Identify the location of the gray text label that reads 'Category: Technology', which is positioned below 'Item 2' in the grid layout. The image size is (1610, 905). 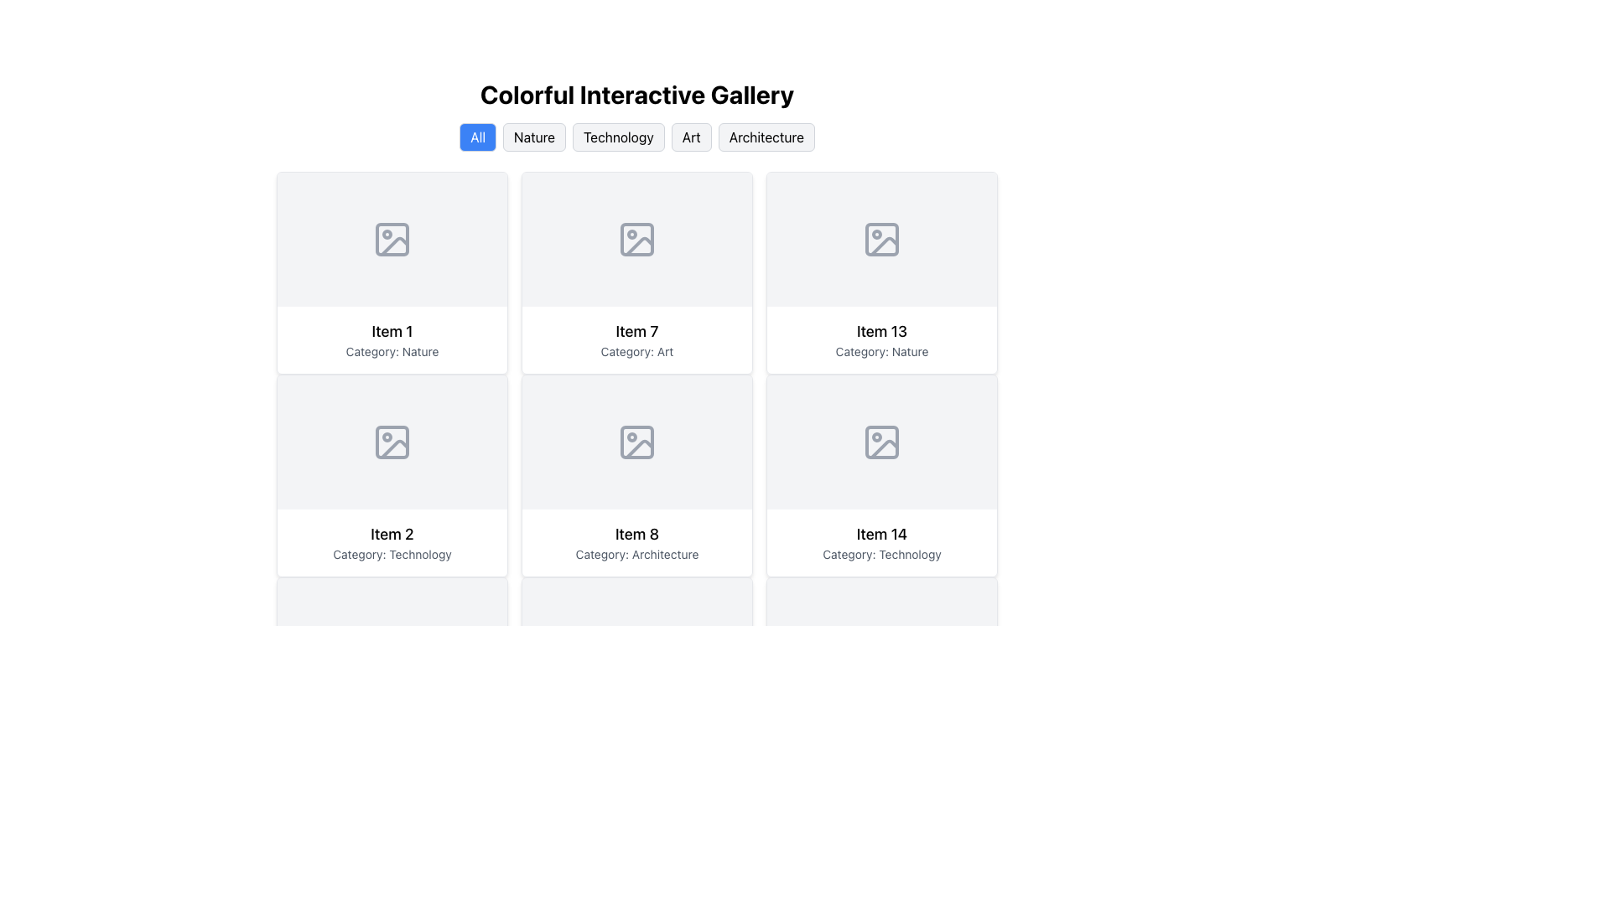
(391, 555).